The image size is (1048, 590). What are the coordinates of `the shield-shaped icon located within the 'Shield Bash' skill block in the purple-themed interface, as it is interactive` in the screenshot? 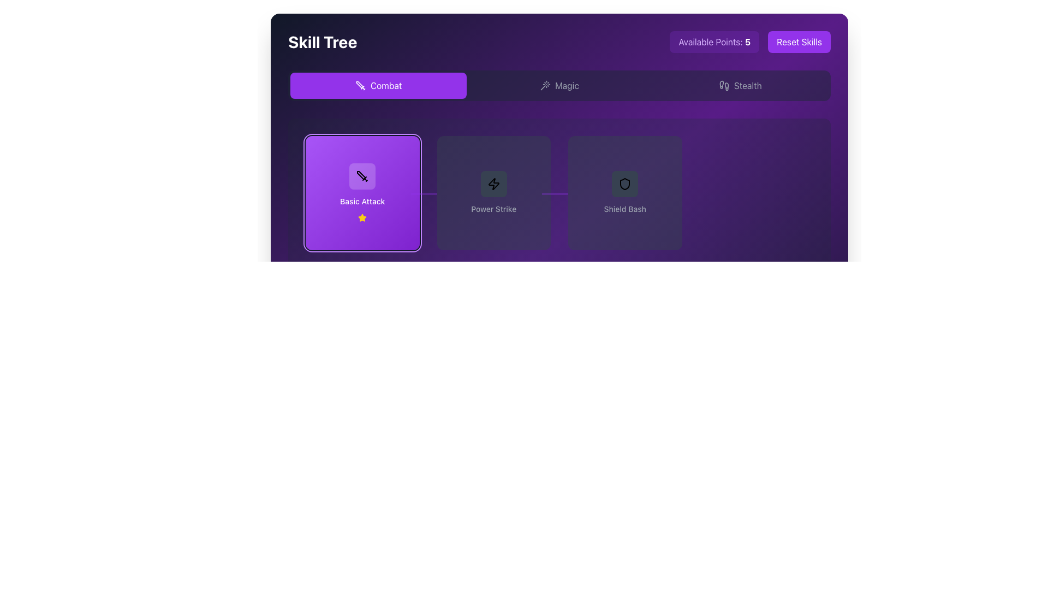 It's located at (625, 184).